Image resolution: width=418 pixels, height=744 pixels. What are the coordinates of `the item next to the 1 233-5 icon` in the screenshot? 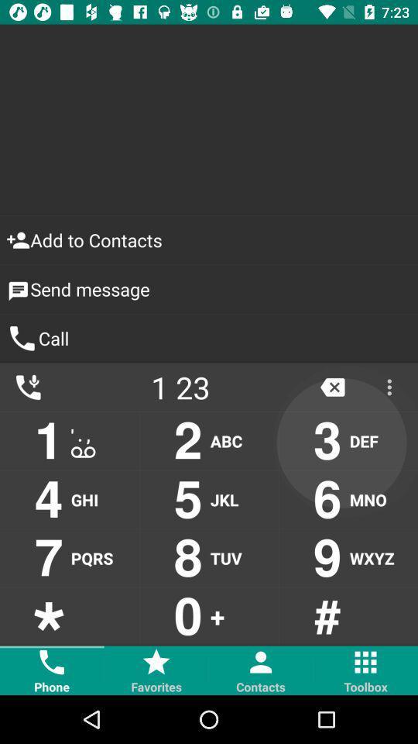 It's located at (331, 386).